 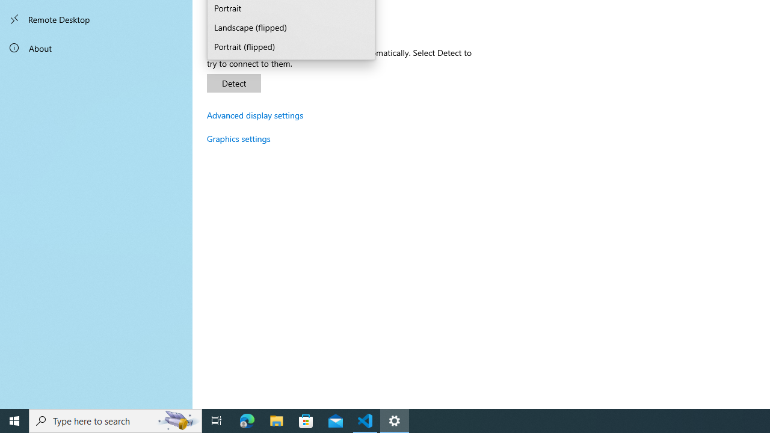 What do you see at coordinates (254, 115) in the screenshot?
I see `'Advanced display settings'` at bounding box center [254, 115].